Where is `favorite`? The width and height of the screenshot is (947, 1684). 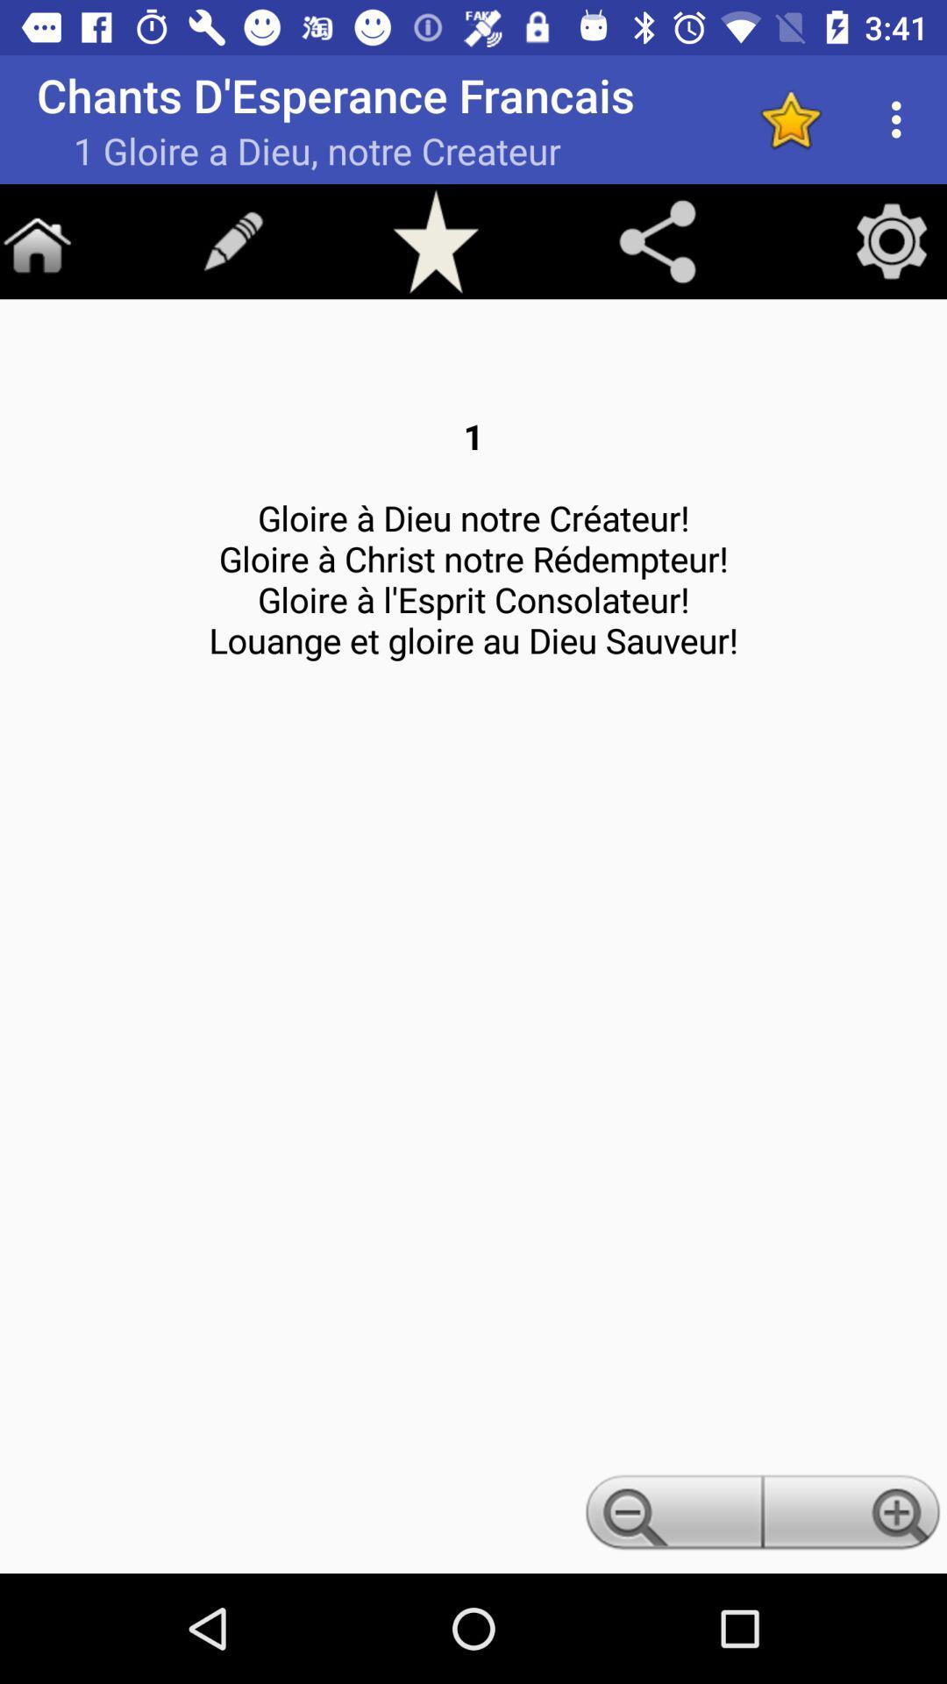
favorite is located at coordinates (790, 118).